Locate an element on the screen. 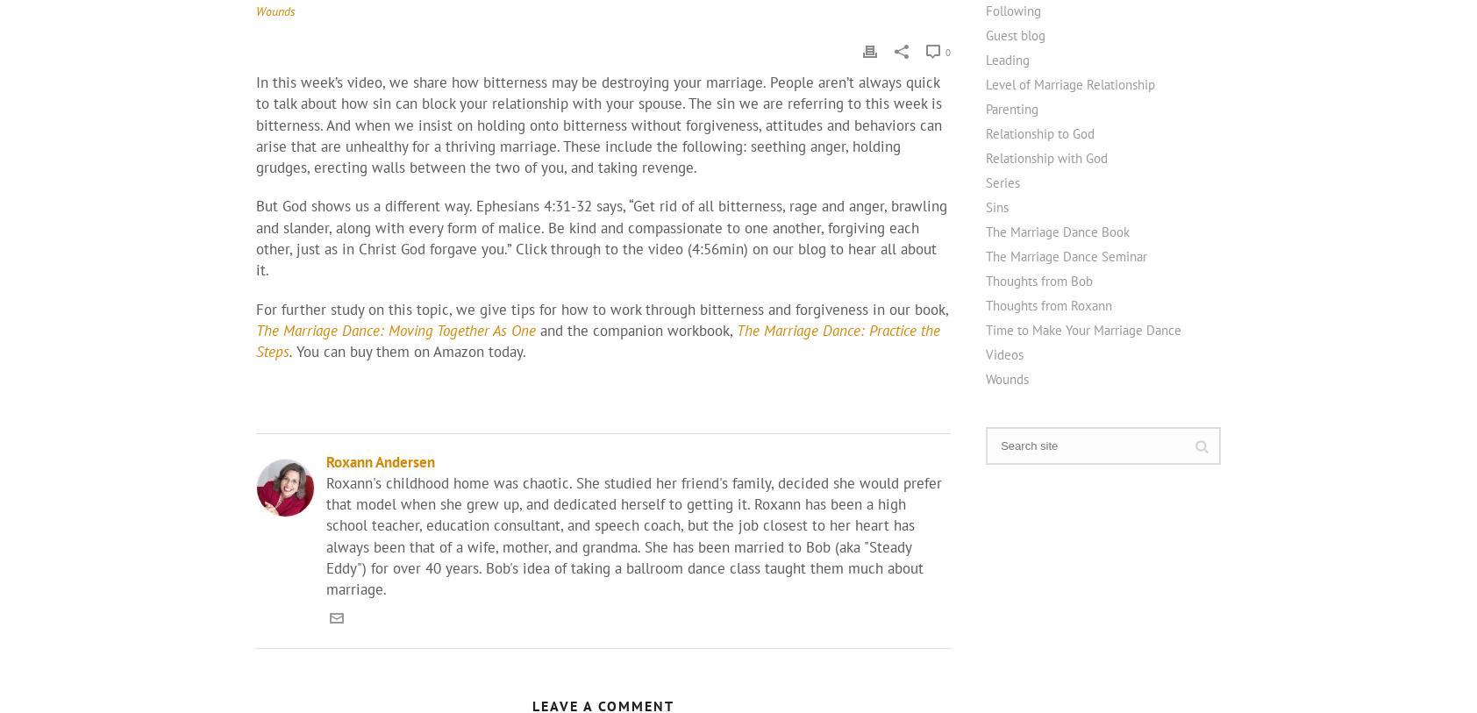  'The Marriage Dance Book' is located at coordinates (1058, 230).